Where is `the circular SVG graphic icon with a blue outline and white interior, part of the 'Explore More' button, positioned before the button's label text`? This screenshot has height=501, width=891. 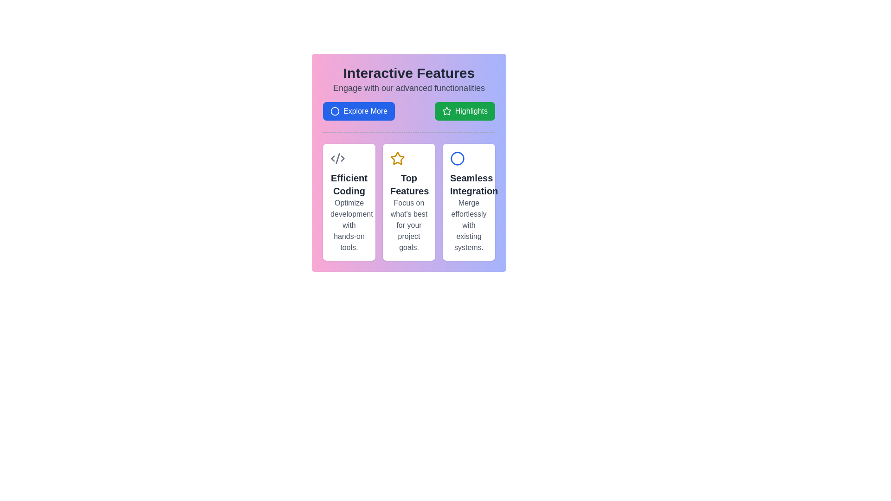
the circular SVG graphic icon with a blue outline and white interior, part of the 'Explore More' button, positioned before the button's label text is located at coordinates (334, 110).